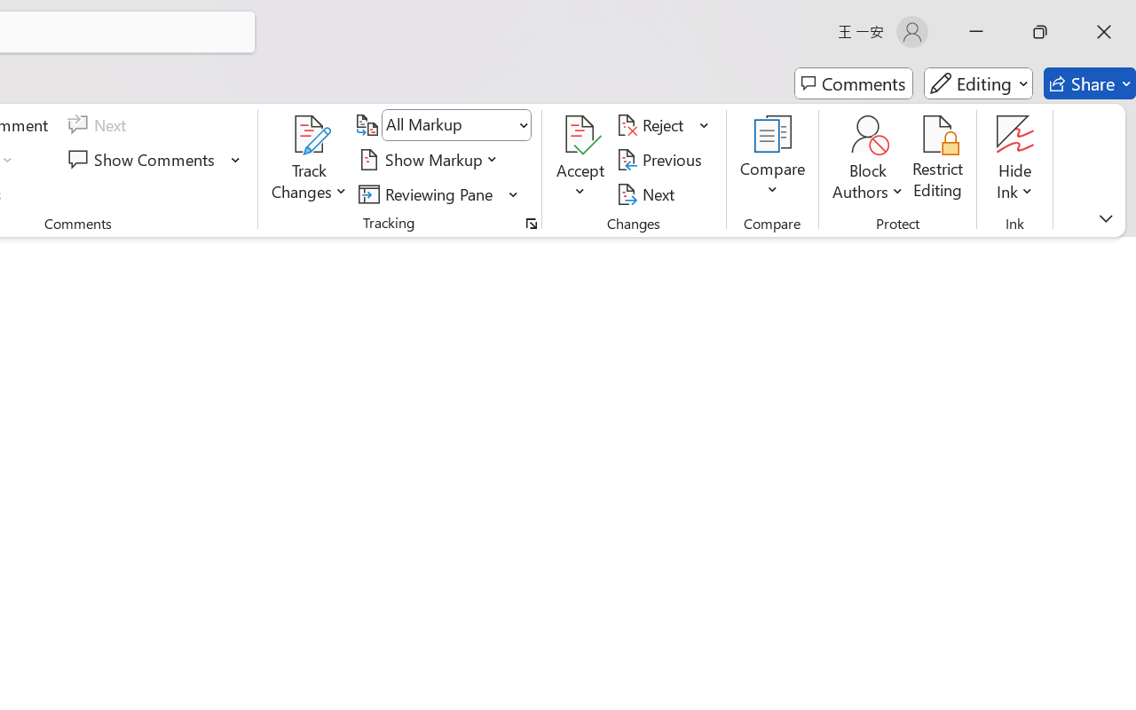 This screenshot has height=710, width=1136. I want to click on 'Hide Ink', so click(1015, 134).